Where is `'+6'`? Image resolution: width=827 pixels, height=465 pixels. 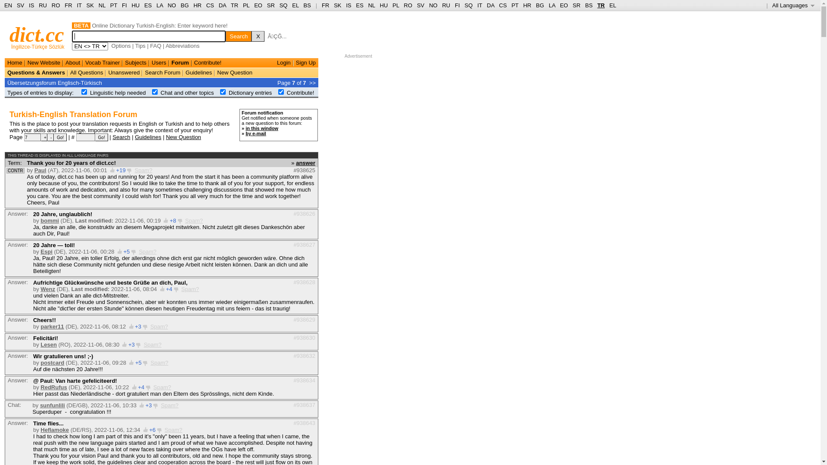 '+6' is located at coordinates (152, 430).